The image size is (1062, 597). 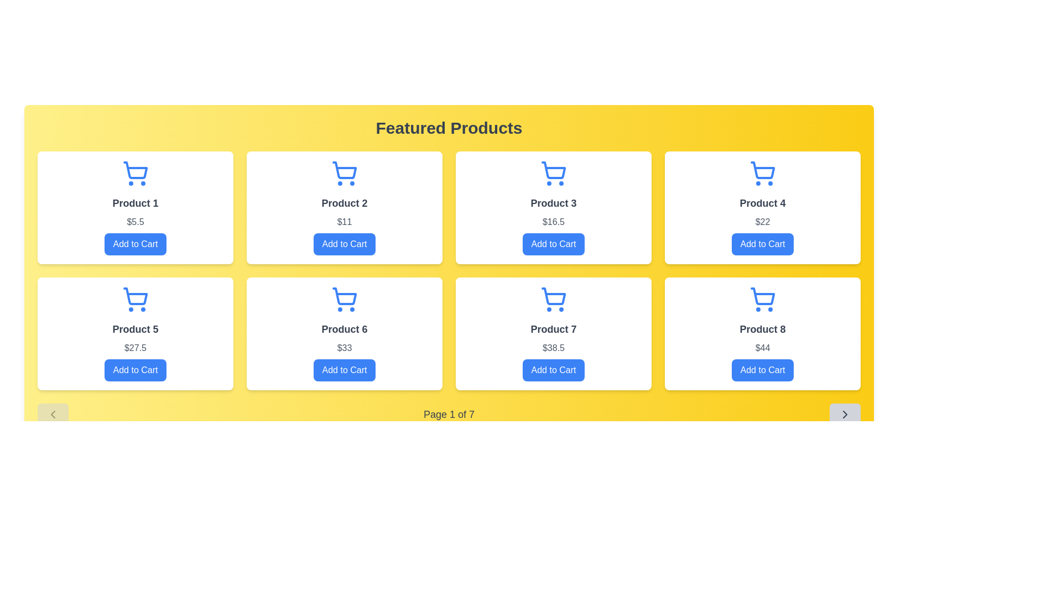 What do you see at coordinates (344, 203) in the screenshot?
I see `the Static Text Label that displays the product name, located in the middle of the product card in the second column of the first row, above the price label and beneath the shopping cart icon` at bounding box center [344, 203].